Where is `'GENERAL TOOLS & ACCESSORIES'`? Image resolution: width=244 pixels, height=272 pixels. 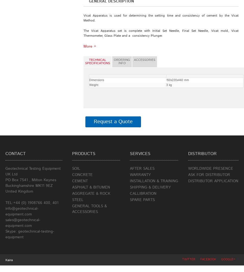 'GENERAL TOOLS & ACCESSORIES' is located at coordinates (72, 209).